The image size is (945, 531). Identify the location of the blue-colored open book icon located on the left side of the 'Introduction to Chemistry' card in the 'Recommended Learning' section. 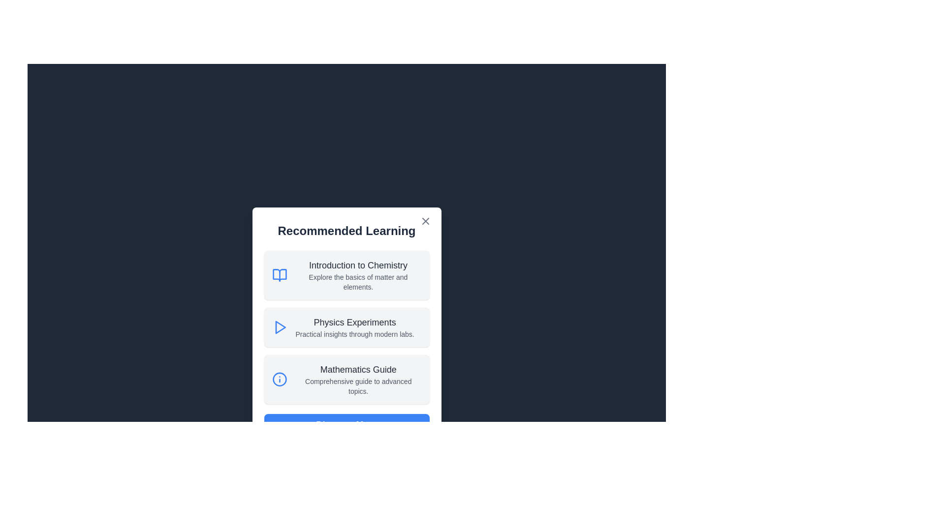
(279, 275).